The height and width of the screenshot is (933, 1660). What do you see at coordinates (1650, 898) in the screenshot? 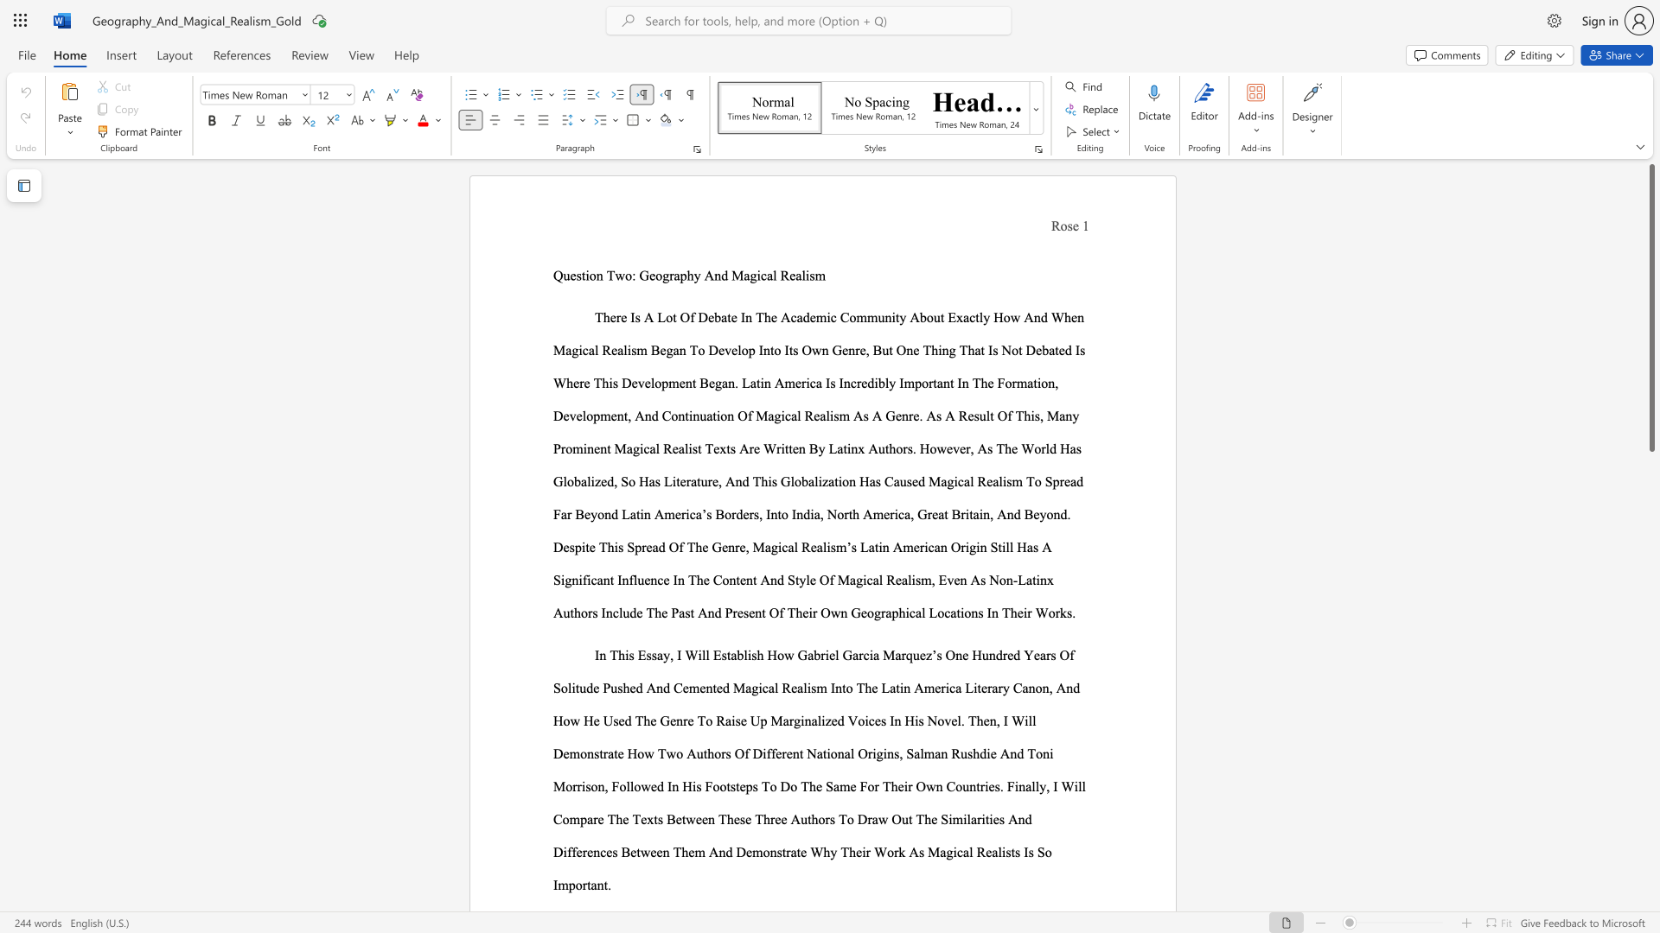
I see `the scrollbar to move the page downward` at bounding box center [1650, 898].